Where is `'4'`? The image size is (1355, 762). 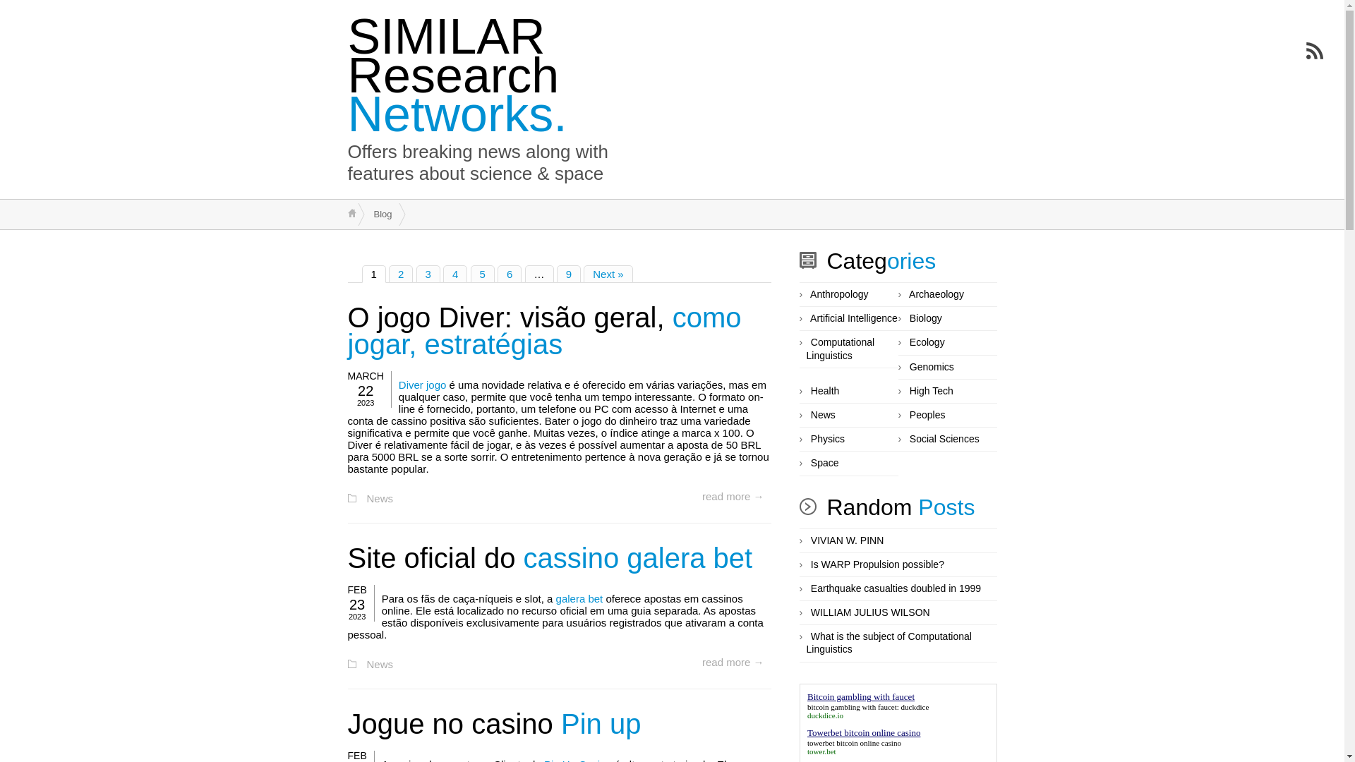 '4' is located at coordinates (442, 274).